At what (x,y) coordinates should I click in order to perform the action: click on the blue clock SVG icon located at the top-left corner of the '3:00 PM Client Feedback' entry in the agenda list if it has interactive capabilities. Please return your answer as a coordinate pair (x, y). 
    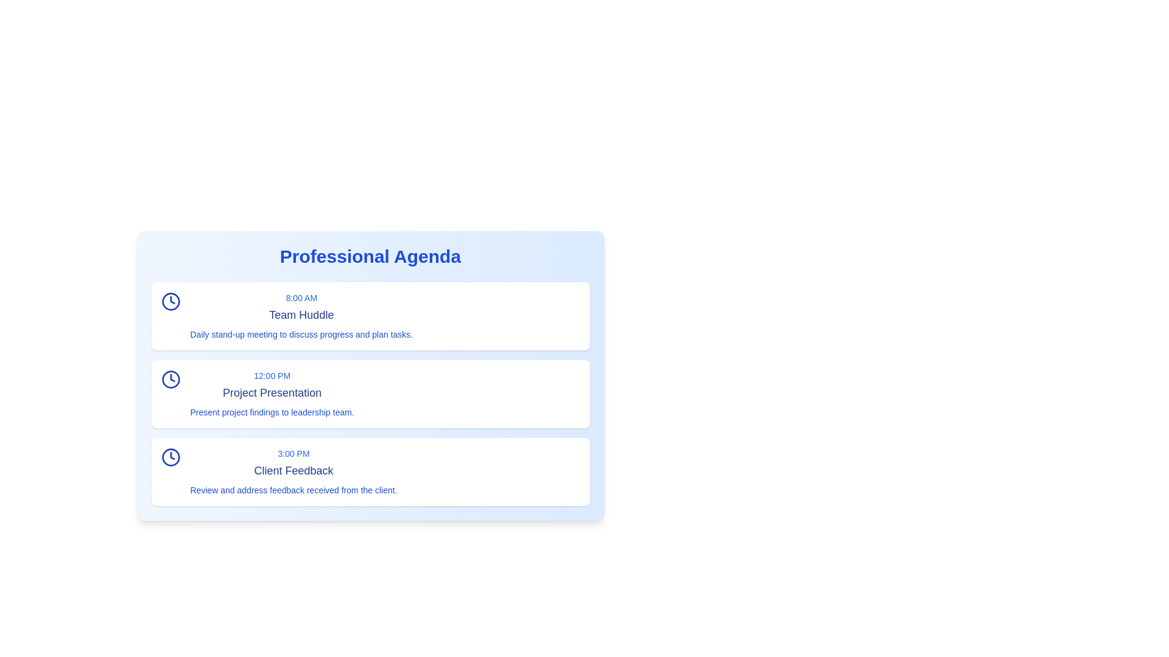
    Looking at the image, I should click on (170, 457).